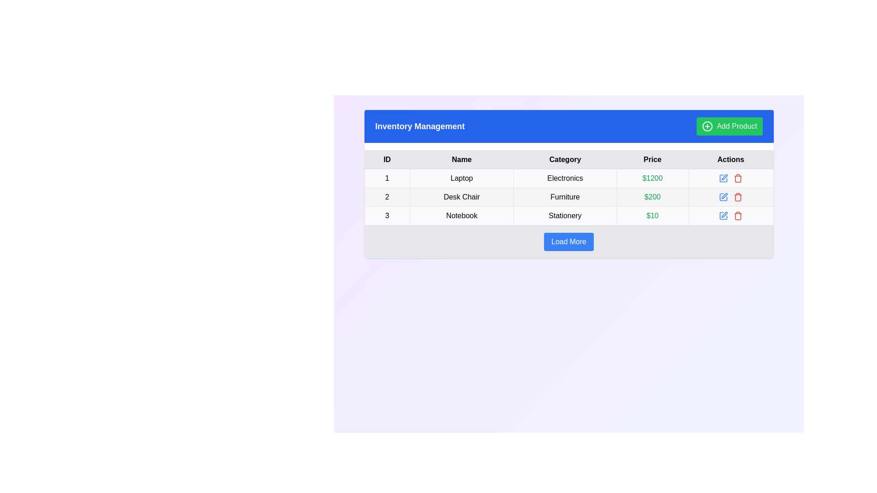 This screenshot has width=877, height=493. Describe the element at coordinates (461, 197) in the screenshot. I see `the static text label displaying 'Desk Chair' located in the second row of the table, positioned between the 'ID' and 'Category' columns` at that location.